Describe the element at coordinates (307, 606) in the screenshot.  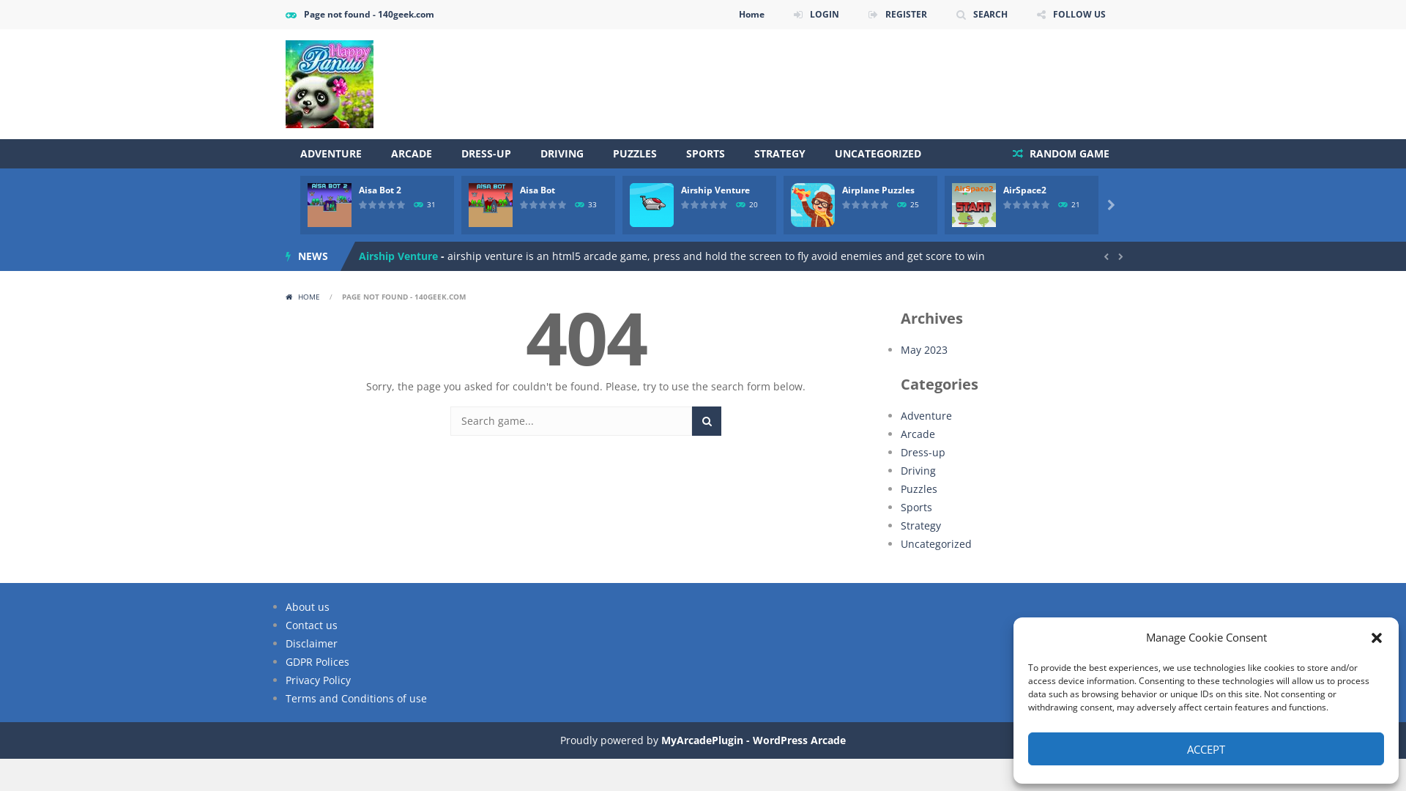
I see `'About us'` at that location.